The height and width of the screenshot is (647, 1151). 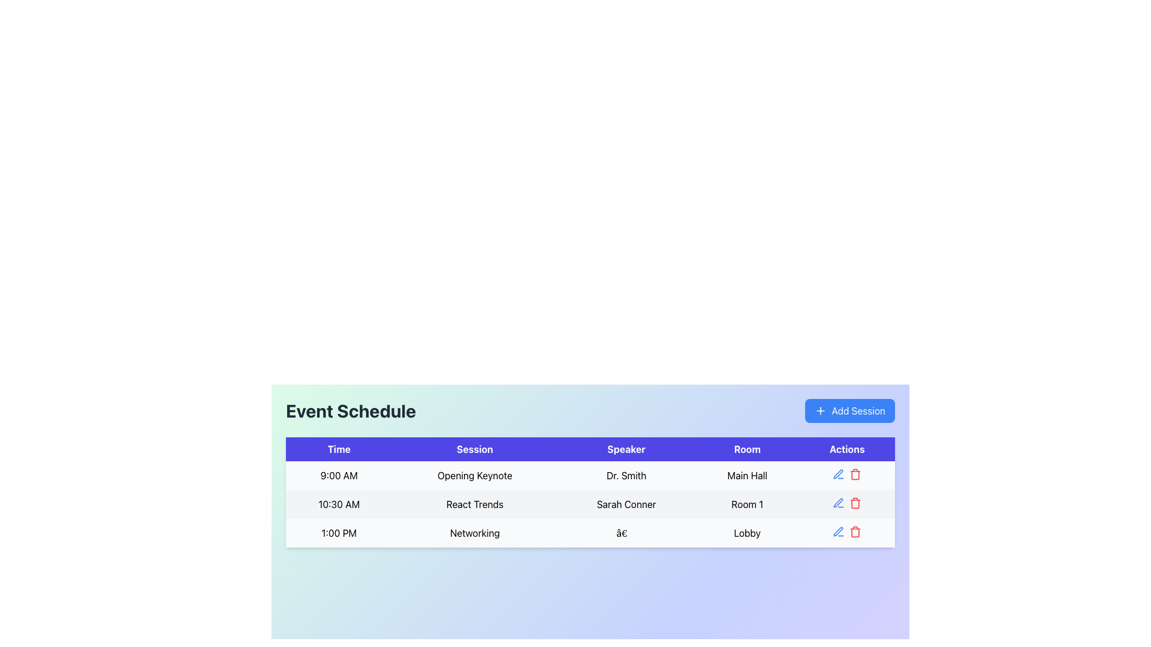 What do you see at coordinates (837, 531) in the screenshot?
I see `the pen icon located in the 'Actions' column of the second row in the table next to 'Room 1'` at bounding box center [837, 531].